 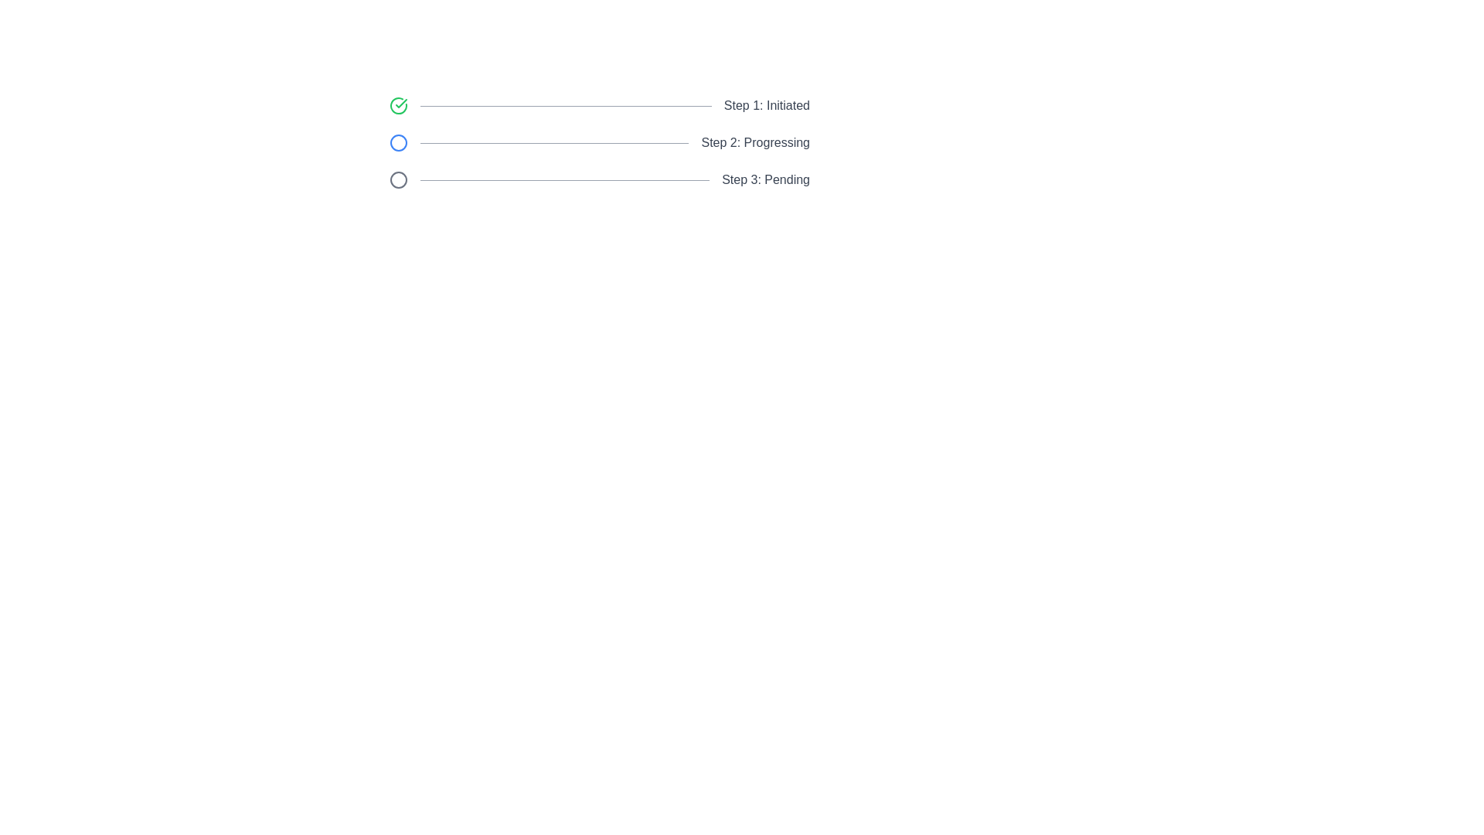 What do you see at coordinates (565, 105) in the screenshot?
I see `the Separator or progress bar that visually represents 'Step 1: Initiated', positioned horizontally between the checkmark icon and the 'Step 1: Initiated' text` at bounding box center [565, 105].